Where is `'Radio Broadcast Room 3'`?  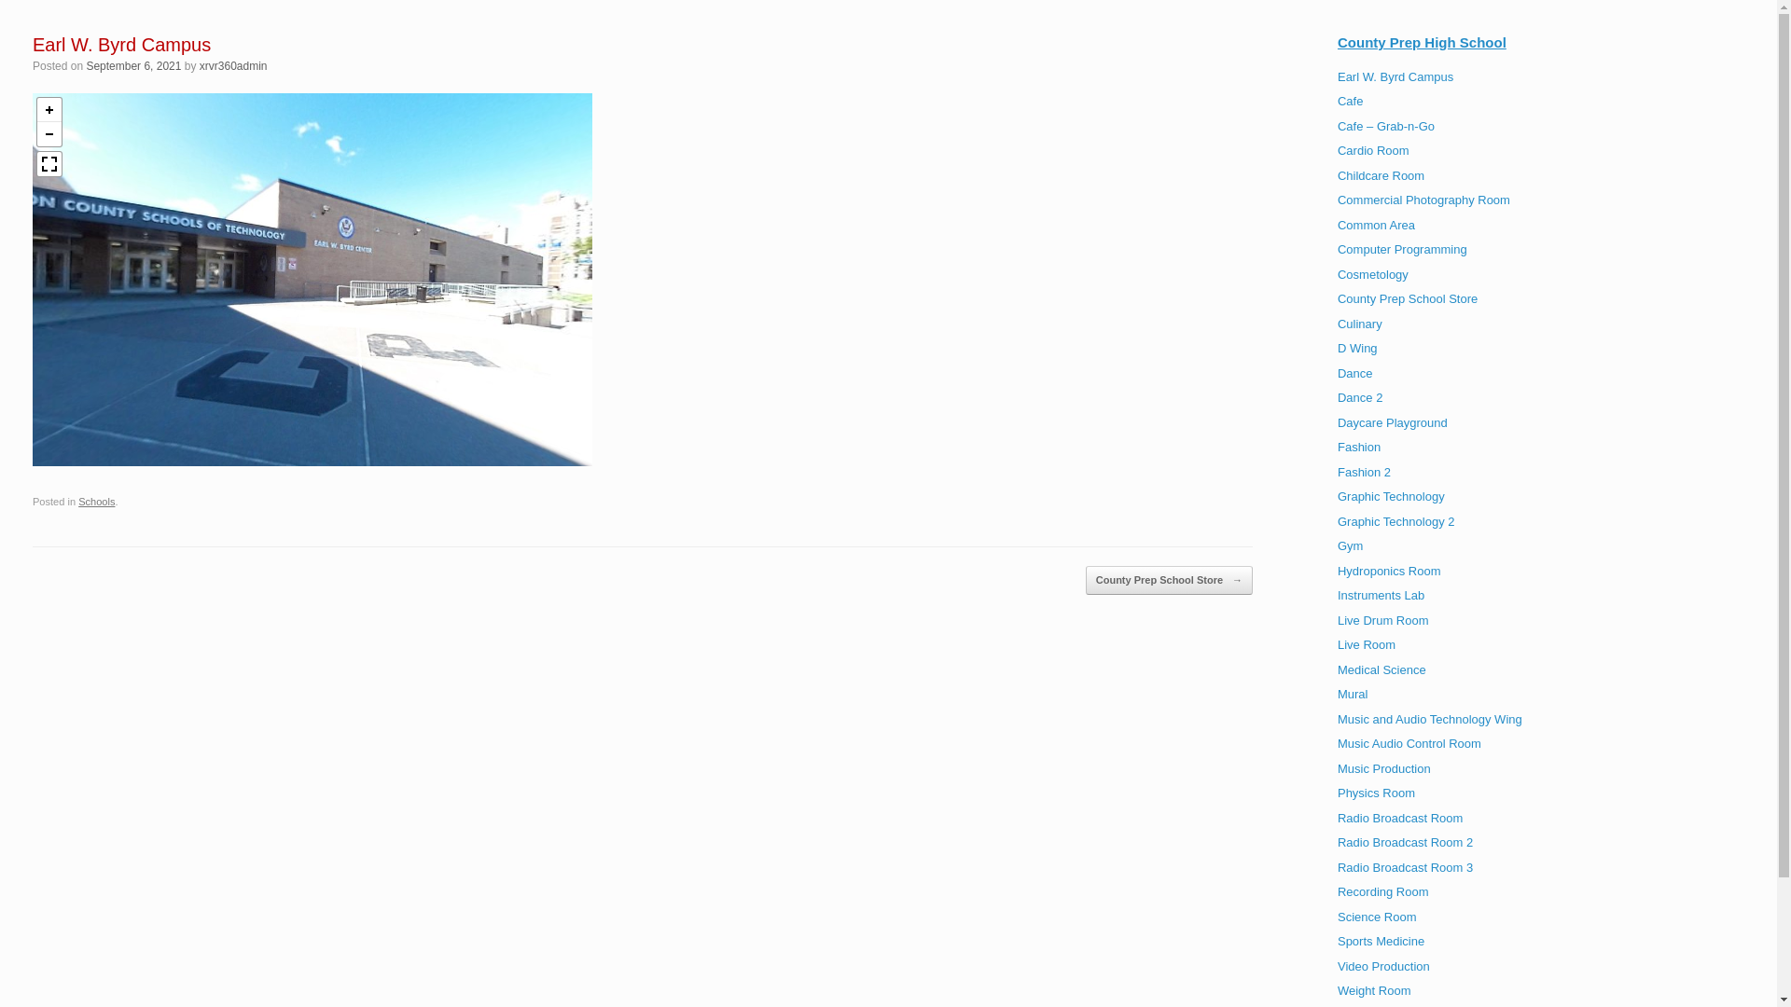
'Radio Broadcast Room 3' is located at coordinates (1337, 866).